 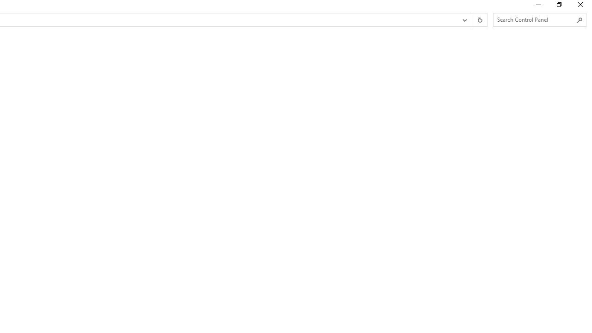 What do you see at coordinates (464, 20) in the screenshot?
I see `'Previous Locations'` at bounding box center [464, 20].